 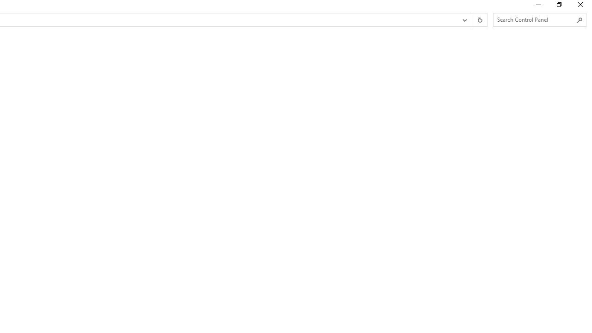 What do you see at coordinates (464, 20) in the screenshot?
I see `'Previous Locations'` at bounding box center [464, 20].